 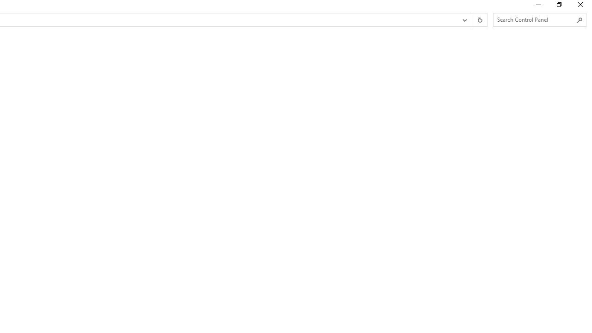 What do you see at coordinates (464, 20) in the screenshot?
I see `'Previous Locations'` at bounding box center [464, 20].